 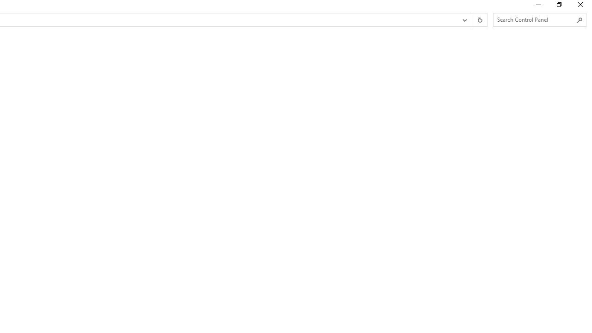 What do you see at coordinates (464, 20) in the screenshot?
I see `'Previous Locations'` at bounding box center [464, 20].